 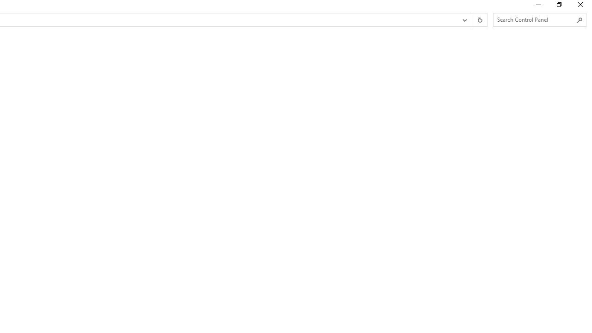 What do you see at coordinates (464, 20) in the screenshot?
I see `'Previous Locations'` at bounding box center [464, 20].